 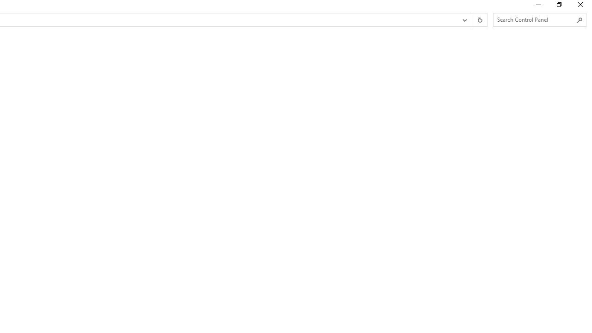 What do you see at coordinates (464, 20) in the screenshot?
I see `'Previous Locations'` at bounding box center [464, 20].